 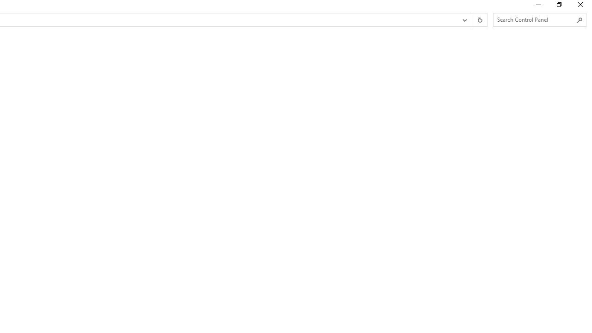 What do you see at coordinates (464, 20) in the screenshot?
I see `'Previous Locations'` at bounding box center [464, 20].